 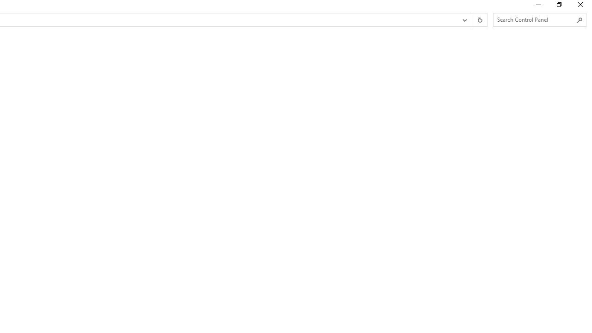 What do you see at coordinates (464, 20) in the screenshot?
I see `'Previous Locations'` at bounding box center [464, 20].